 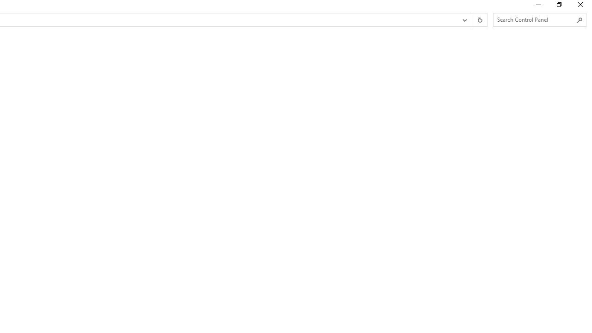 What do you see at coordinates (464, 20) in the screenshot?
I see `'Previous Locations'` at bounding box center [464, 20].